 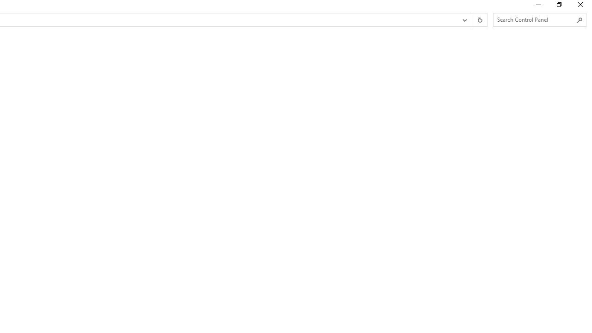 What do you see at coordinates (464, 20) in the screenshot?
I see `'Previous Locations'` at bounding box center [464, 20].